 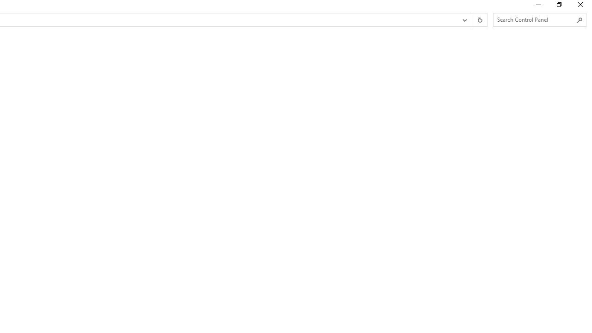 What do you see at coordinates (464, 20) in the screenshot?
I see `'Previous Locations'` at bounding box center [464, 20].